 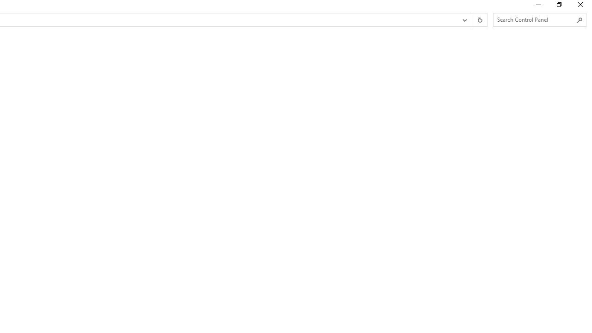 What do you see at coordinates (464, 20) in the screenshot?
I see `'Previous Locations'` at bounding box center [464, 20].